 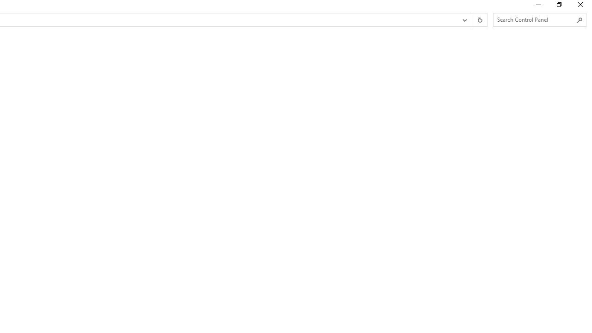 What do you see at coordinates (464, 20) in the screenshot?
I see `'Previous Locations'` at bounding box center [464, 20].